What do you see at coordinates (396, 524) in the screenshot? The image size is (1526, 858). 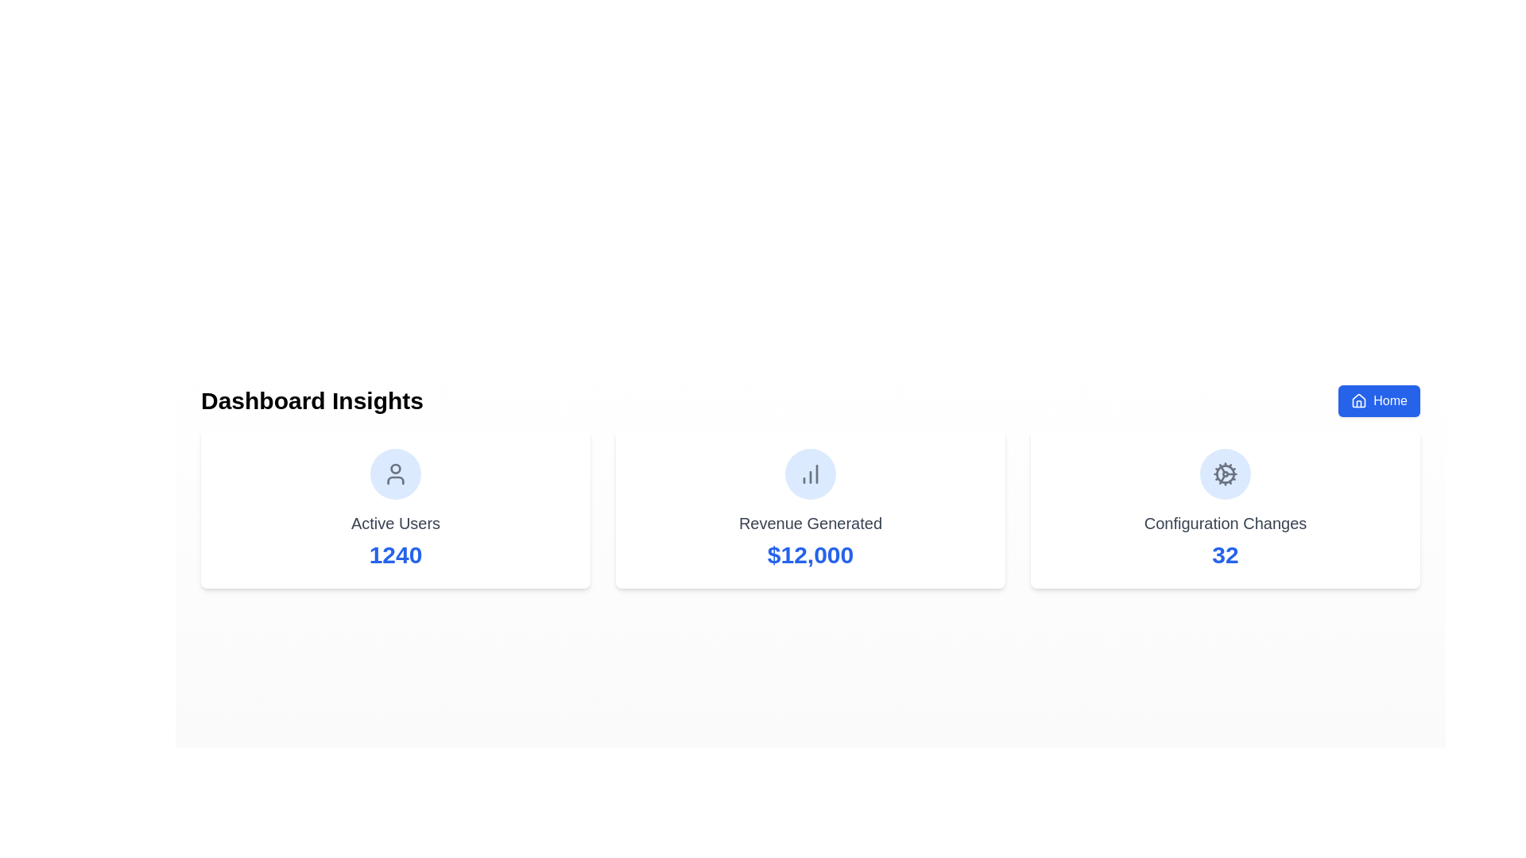 I see `the text label 'Active Users', which is styled in medium gray and positioned above the blue number '1240' in the first card of a three-card grid layout` at bounding box center [396, 524].